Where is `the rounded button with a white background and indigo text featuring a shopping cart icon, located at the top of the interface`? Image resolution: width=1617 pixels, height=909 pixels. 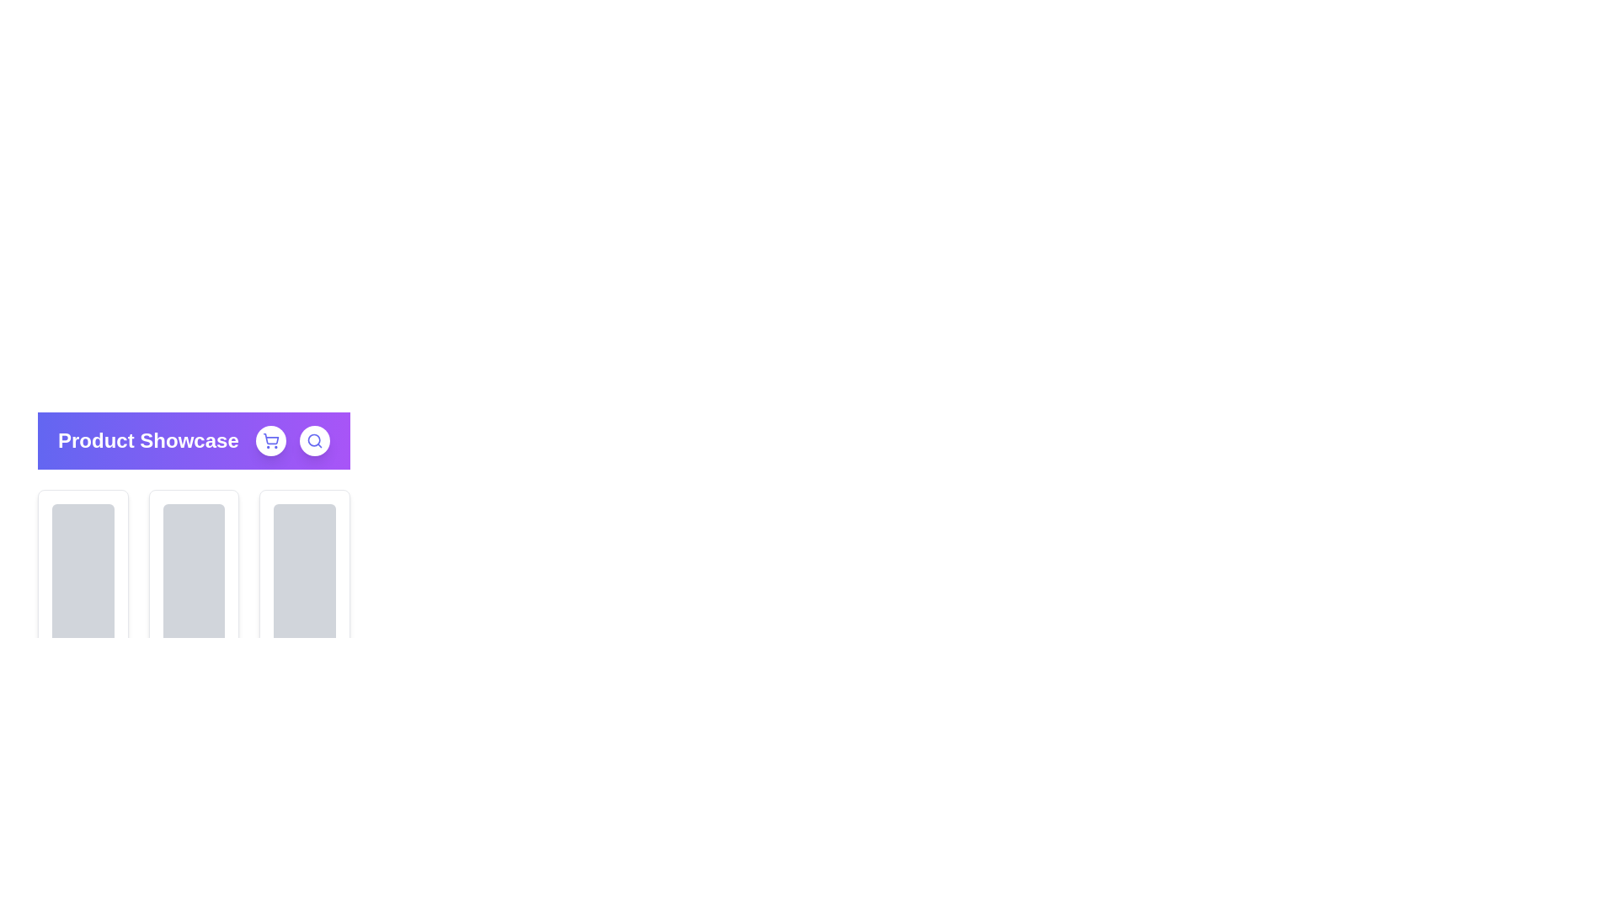 the rounded button with a white background and indigo text featuring a shopping cart icon, located at the top of the interface is located at coordinates (270, 440).